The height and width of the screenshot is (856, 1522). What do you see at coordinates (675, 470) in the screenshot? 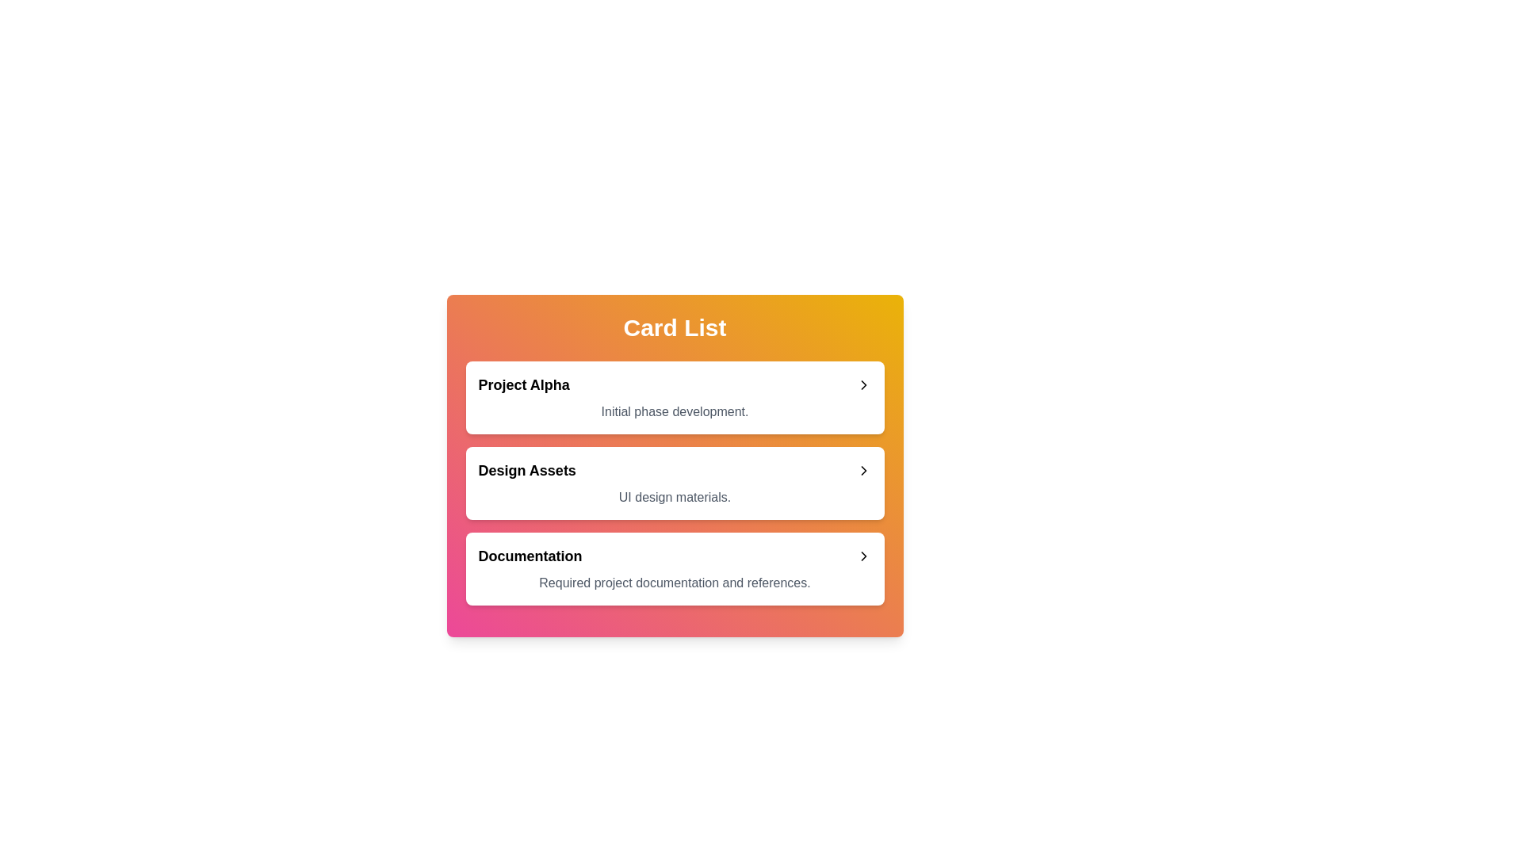
I see `the title area of the card titled Design Assets to expand or collapse it` at bounding box center [675, 470].